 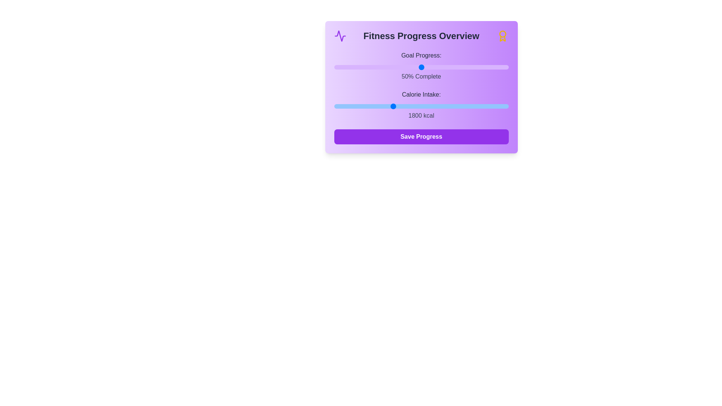 What do you see at coordinates (421, 105) in the screenshot?
I see `the blue rounded handle of the A range slider for adjusting the calorie intake value from 1800 kcal` at bounding box center [421, 105].